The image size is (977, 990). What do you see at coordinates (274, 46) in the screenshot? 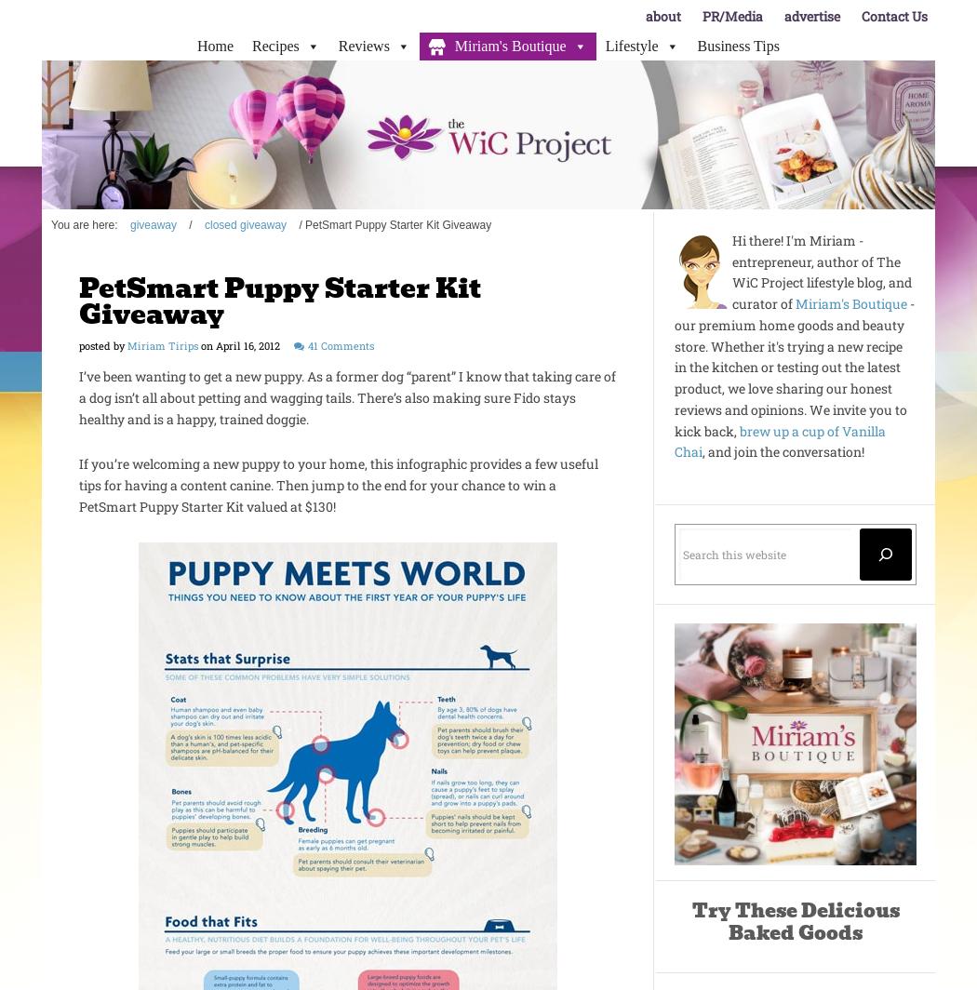
I see `'Recipes'` at bounding box center [274, 46].